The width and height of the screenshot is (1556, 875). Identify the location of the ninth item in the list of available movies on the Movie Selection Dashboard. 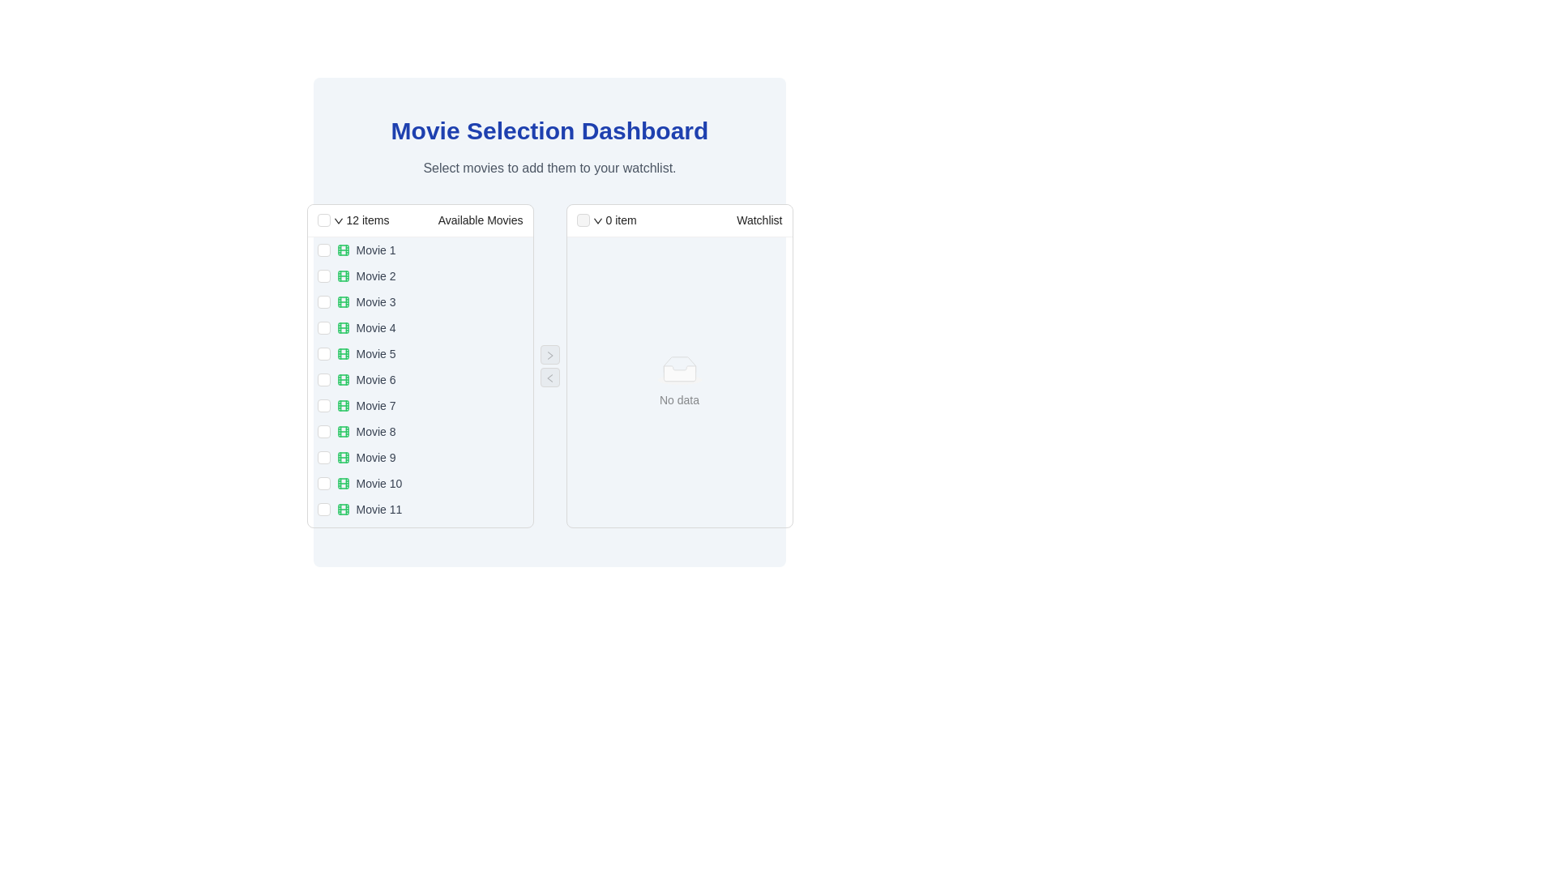
(430, 457).